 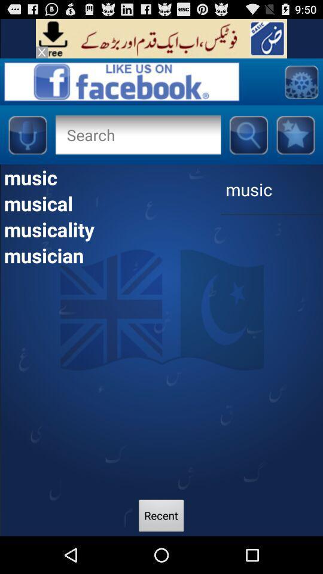 I want to click on search option, so click(x=137, y=135).